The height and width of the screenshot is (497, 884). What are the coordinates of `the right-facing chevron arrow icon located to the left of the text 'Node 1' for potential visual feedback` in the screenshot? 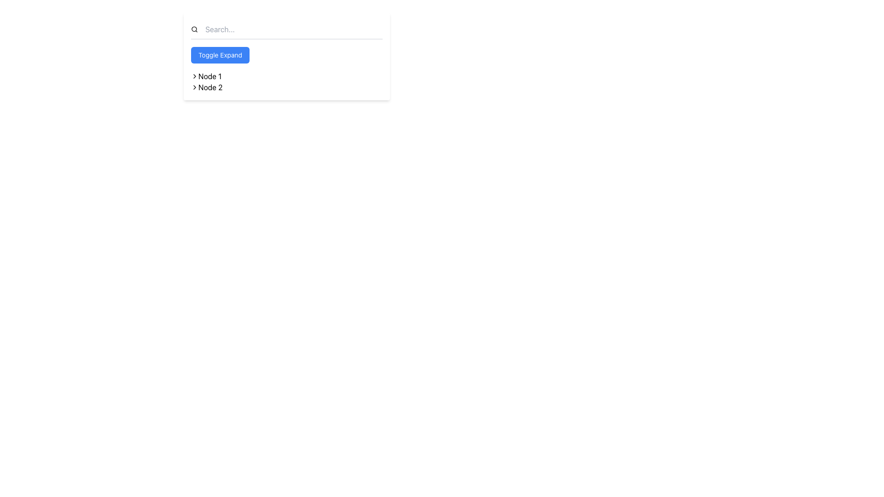 It's located at (194, 75).